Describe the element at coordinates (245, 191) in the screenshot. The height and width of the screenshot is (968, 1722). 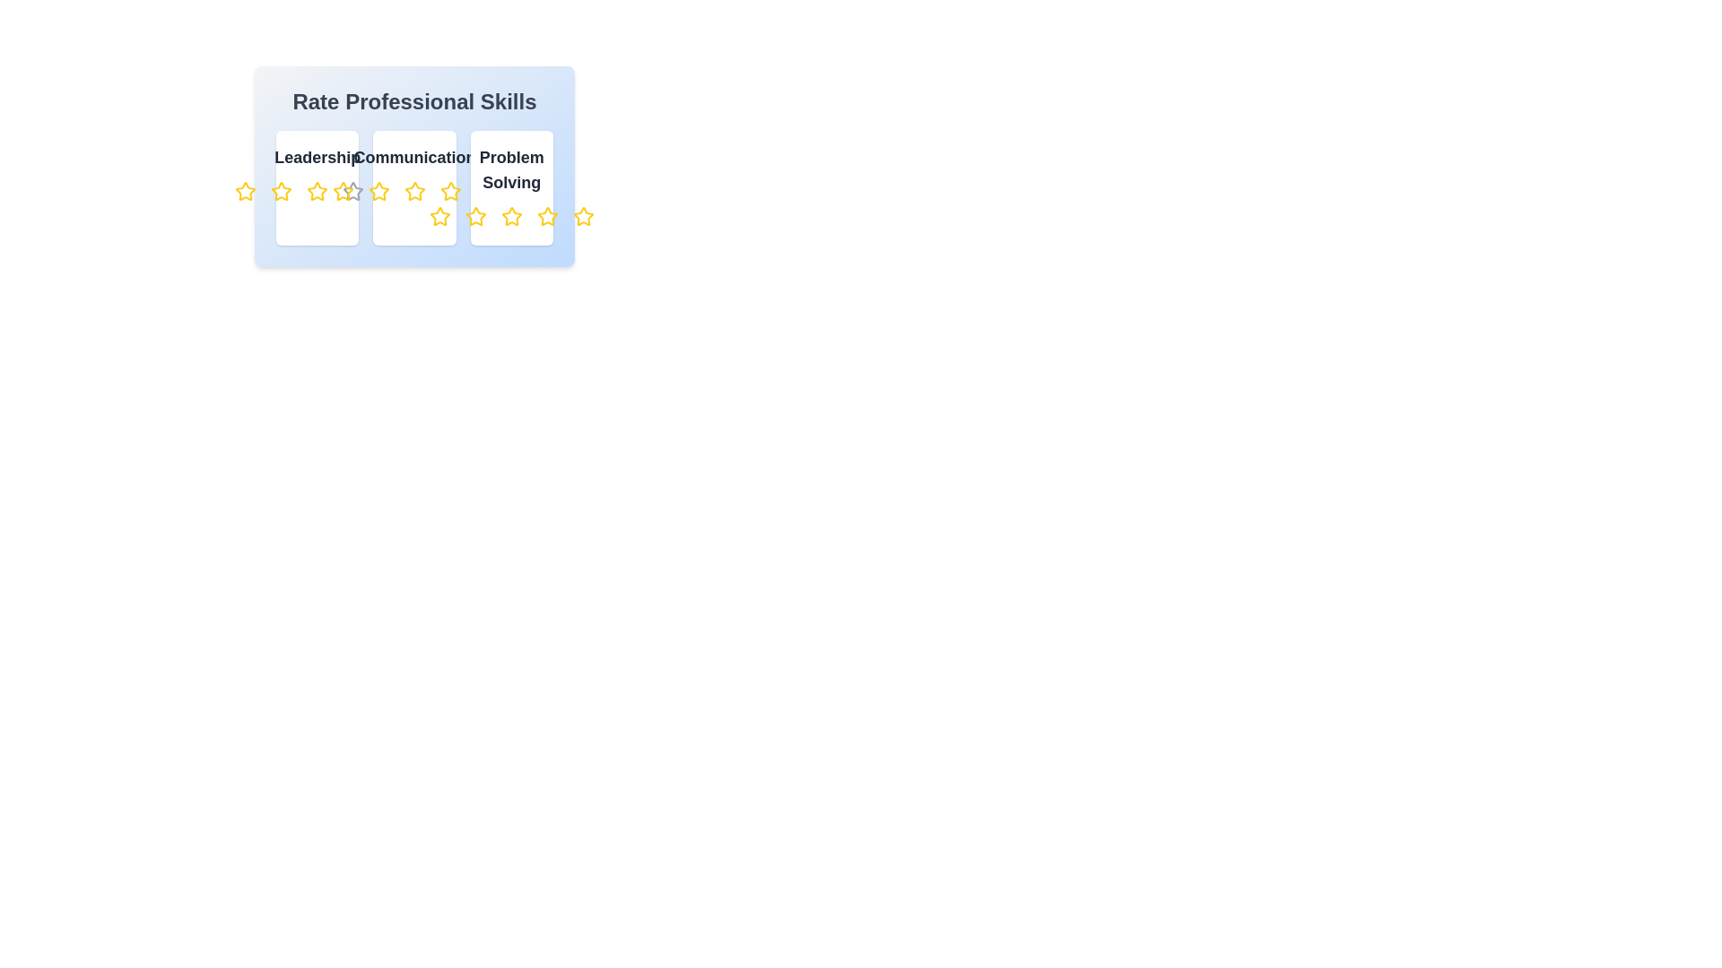
I see `the first star of the 'Leadership' rating to reset it` at that location.